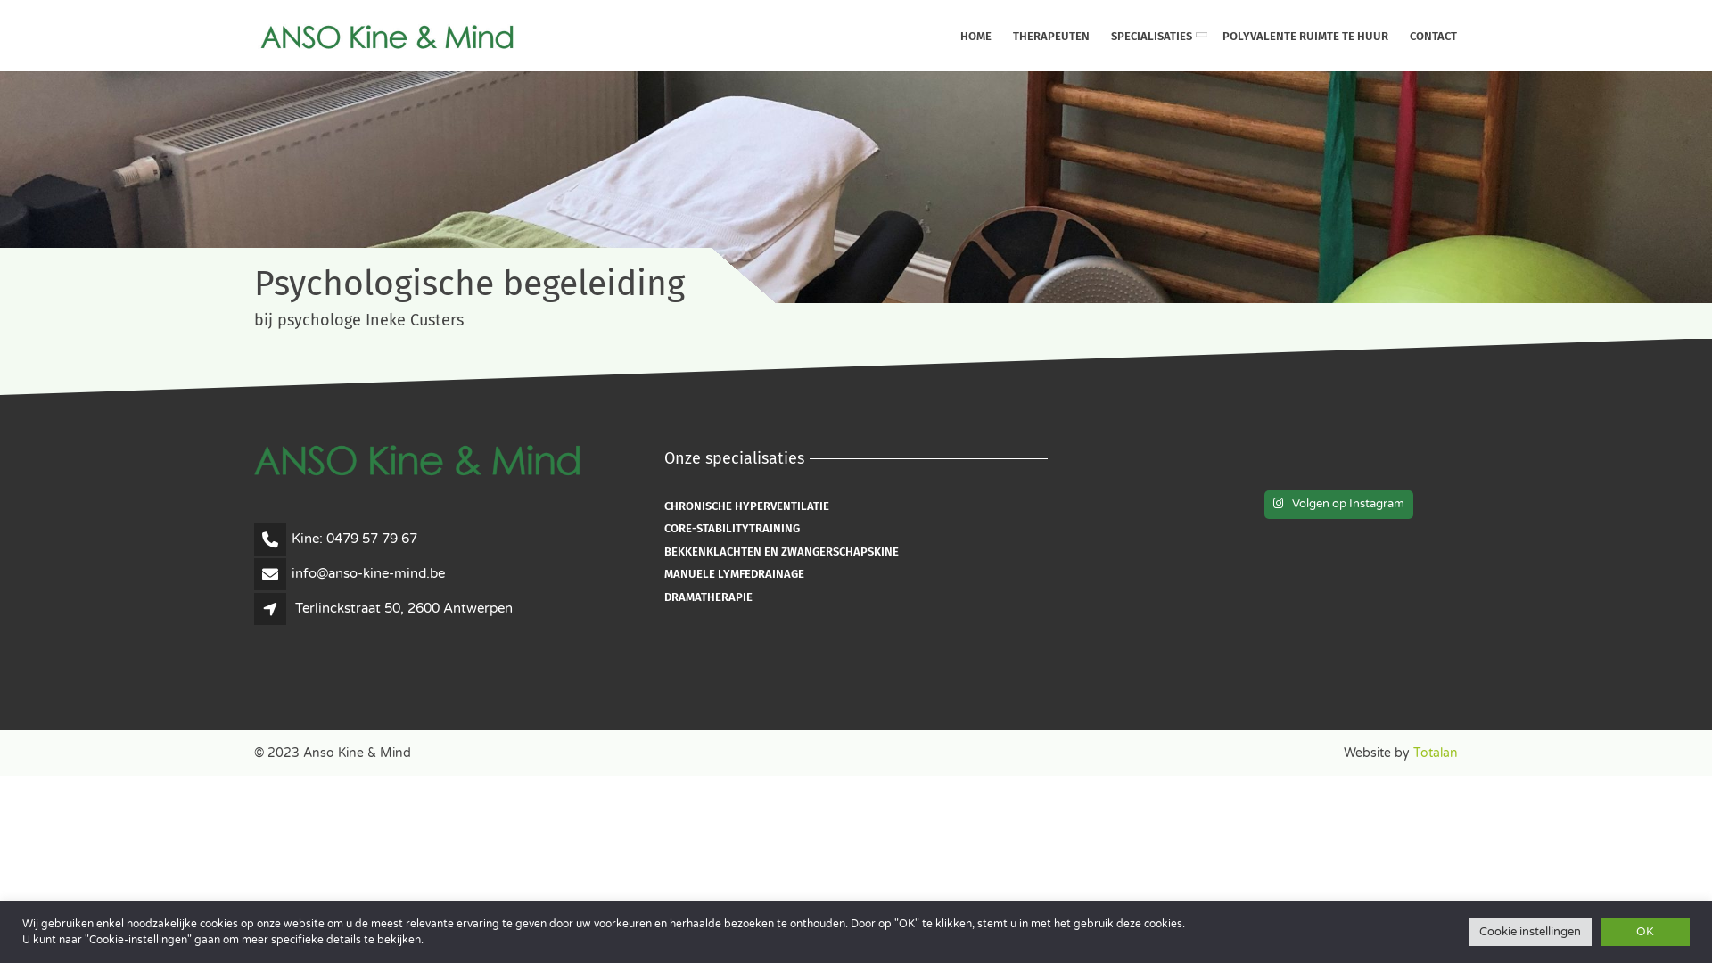  Describe the element at coordinates (1643, 931) in the screenshot. I see `'OK'` at that location.